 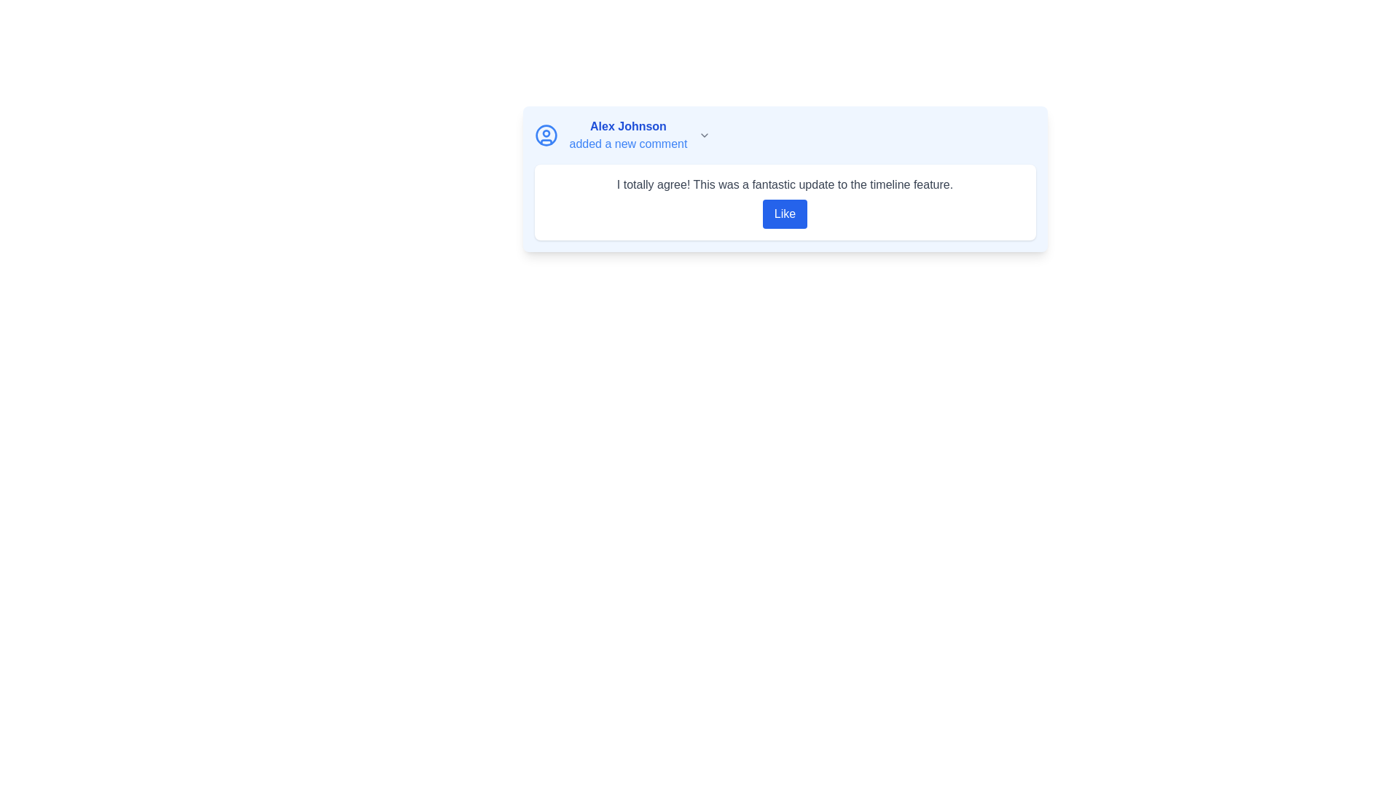 What do you see at coordinates (545, 135) in the screenshot?
I see `the SVG Circle Element with a blue outline located at the center of the avatar icon on the top-left corner of the comment card` at bounding box center [545, 135].